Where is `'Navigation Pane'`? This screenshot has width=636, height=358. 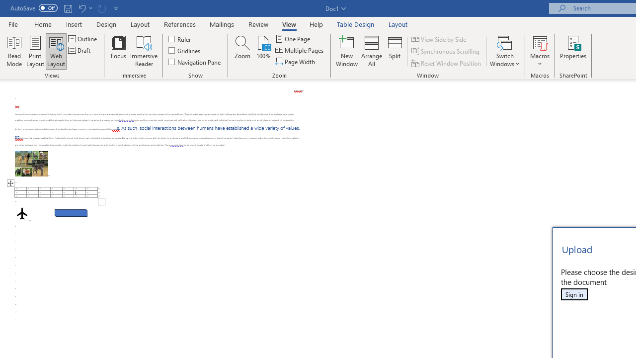
'Navigation Pane' is located at coordinates (195, 62).